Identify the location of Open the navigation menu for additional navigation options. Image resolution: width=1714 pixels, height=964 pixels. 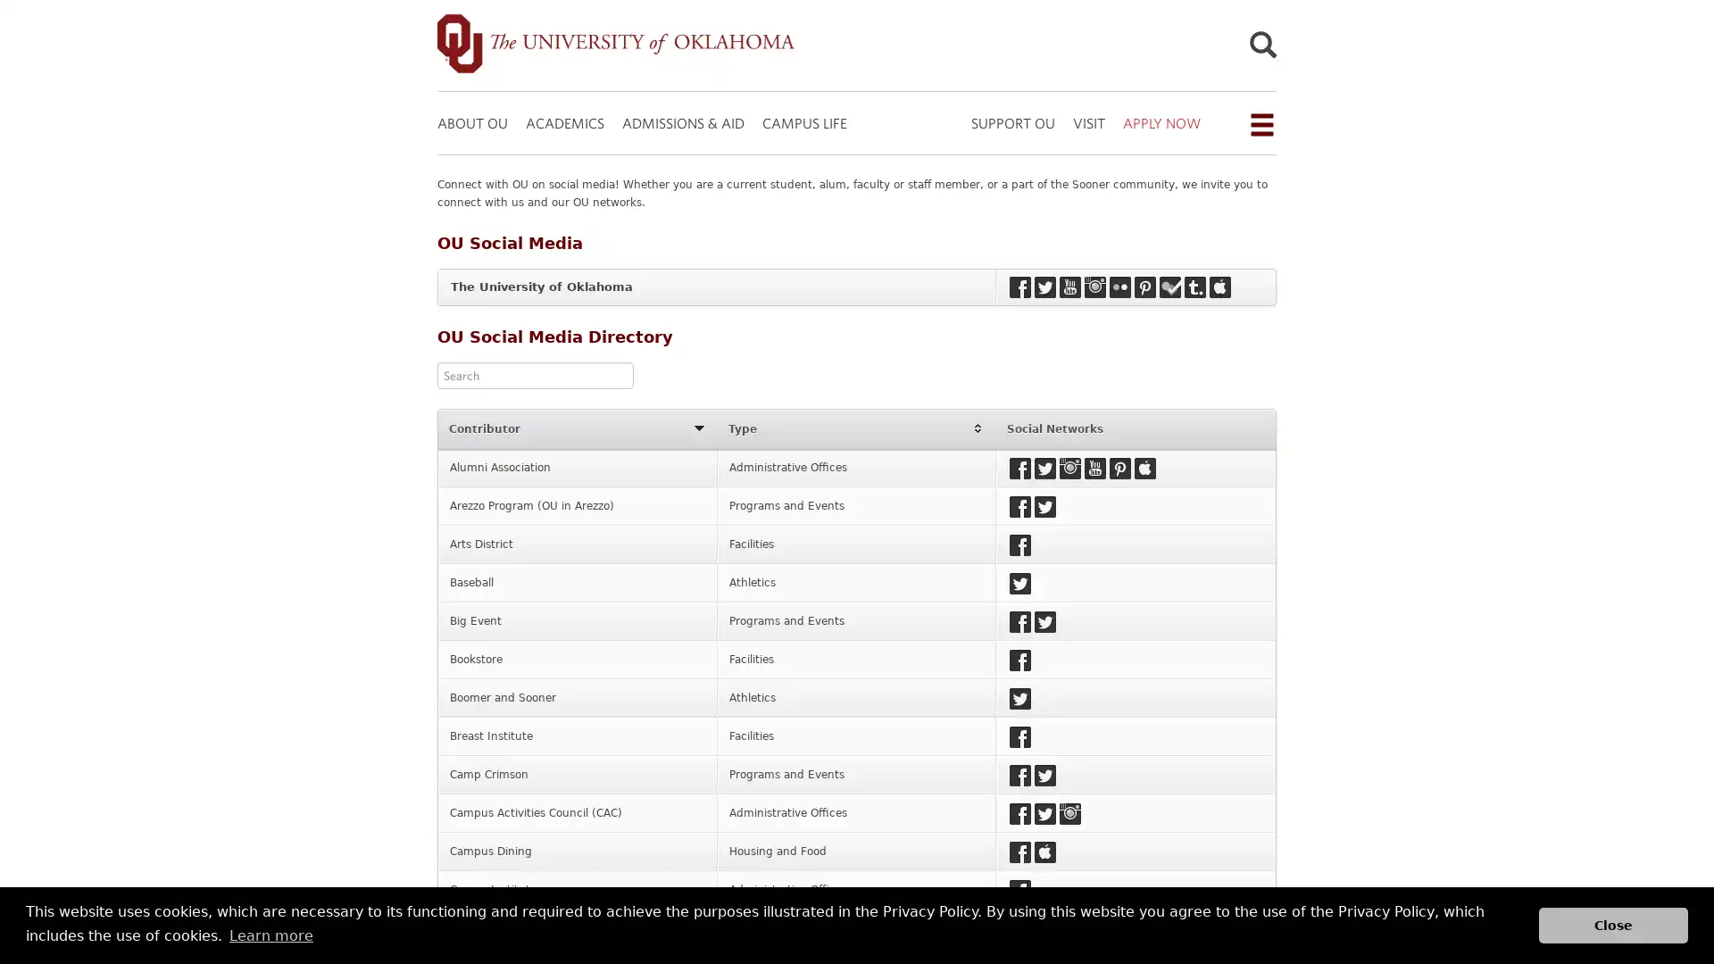
(1260, 123).